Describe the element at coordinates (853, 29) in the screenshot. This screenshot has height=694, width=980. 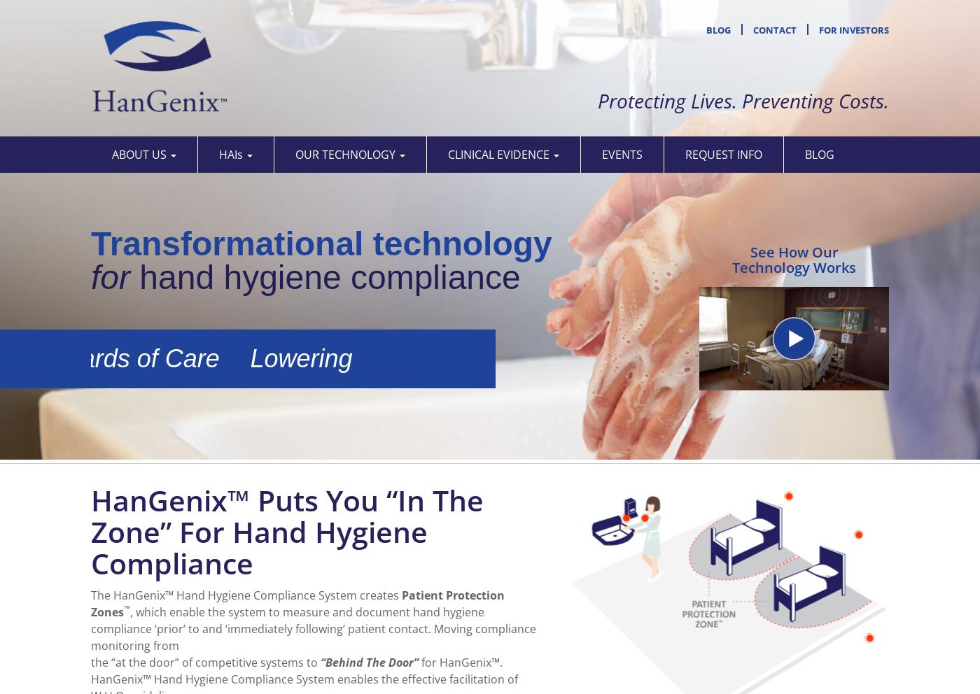
I see `'For Investors'` at that location.